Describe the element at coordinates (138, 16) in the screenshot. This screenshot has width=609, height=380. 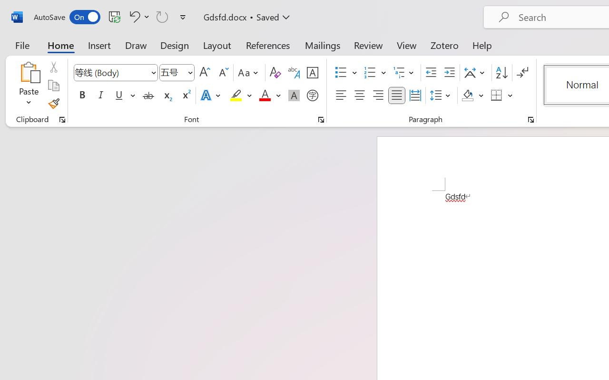
I see `'Undo Apply Quick Style'` at that location.